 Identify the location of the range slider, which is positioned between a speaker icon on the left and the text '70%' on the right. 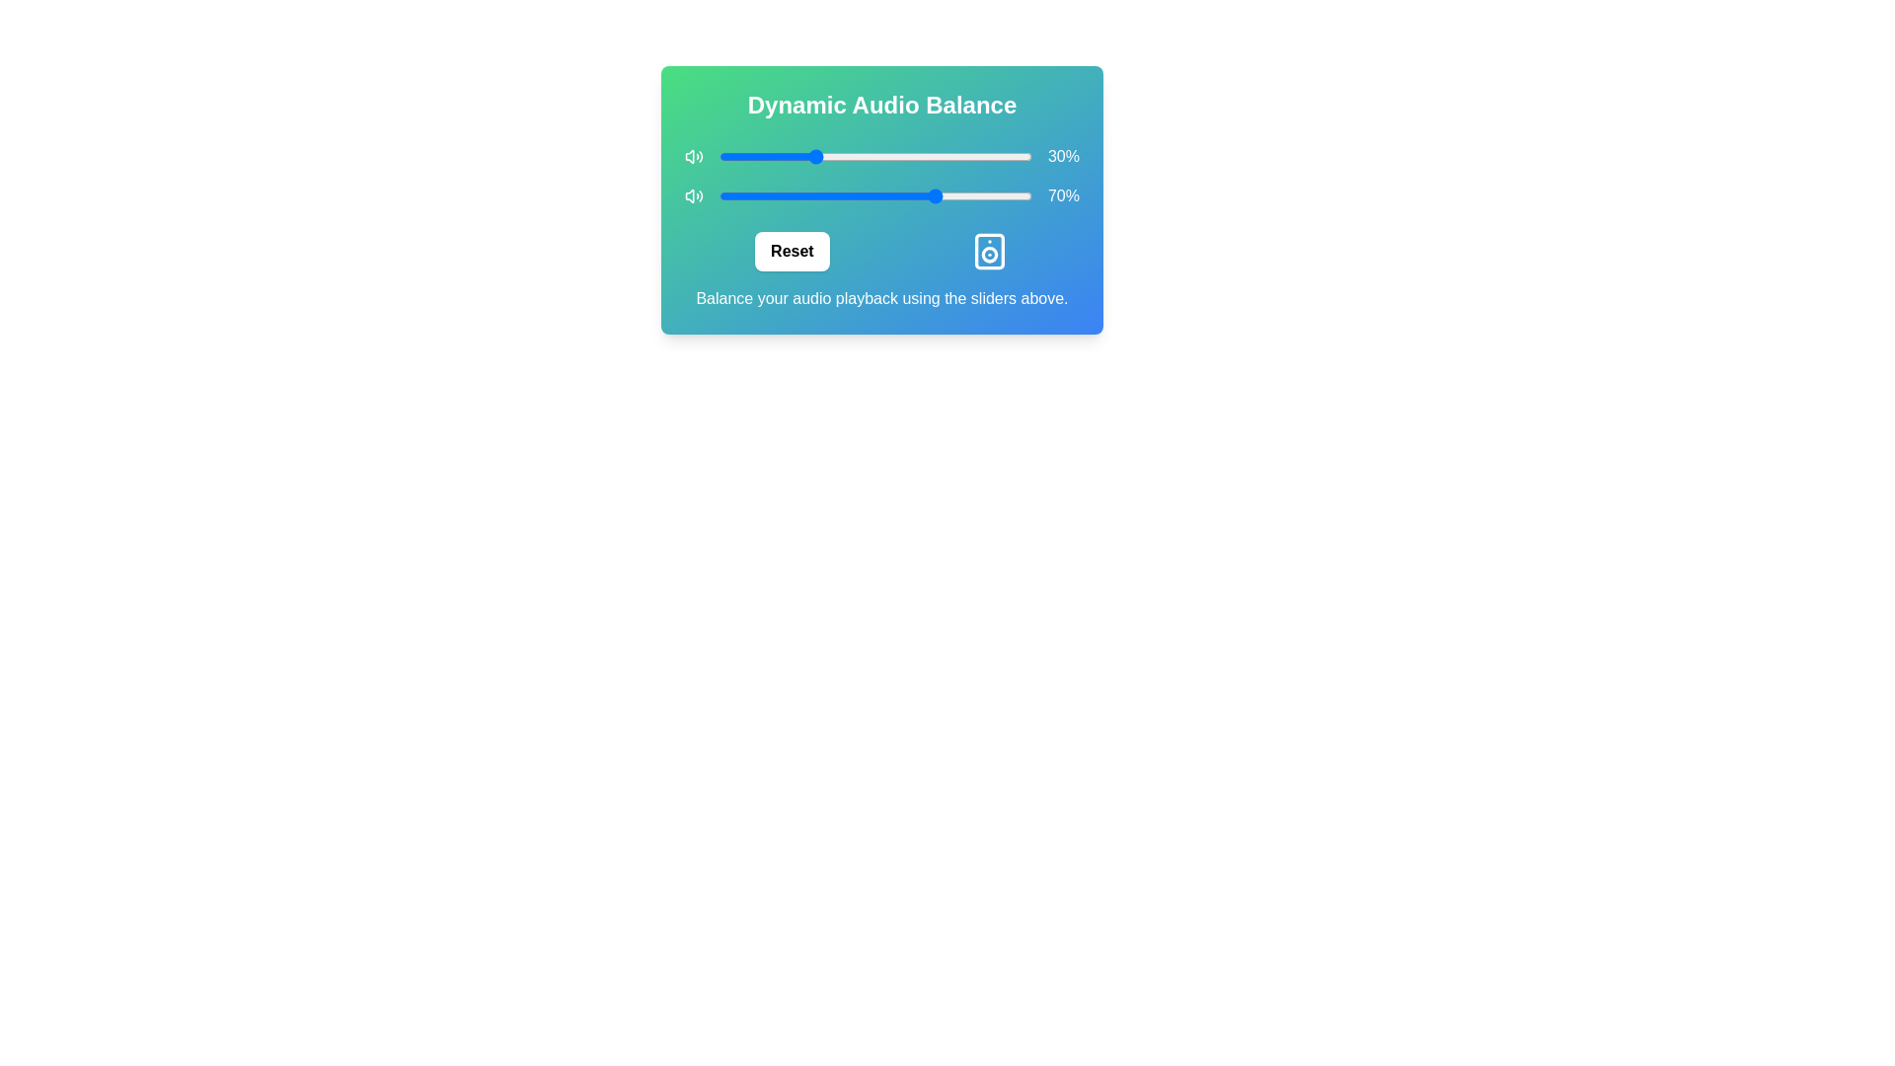
(874, 196).